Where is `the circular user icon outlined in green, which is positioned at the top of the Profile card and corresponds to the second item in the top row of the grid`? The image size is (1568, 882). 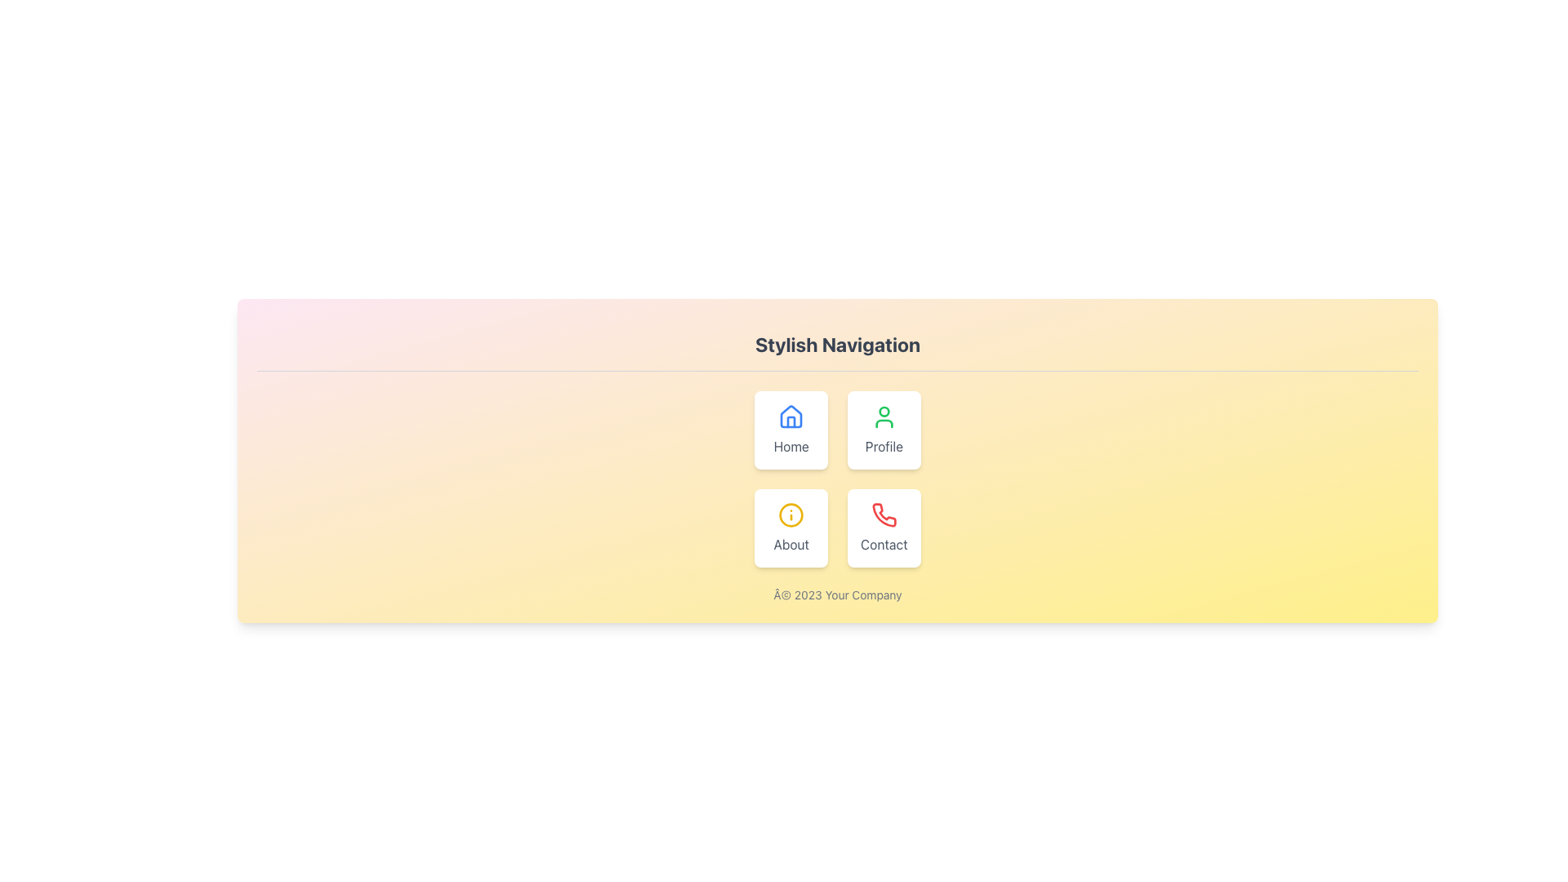
the circular user icon outlined in green, which is positioned at the top of the Profile card and corresponds to the second item in the top row of the grid is located at coordinates (883, 416).